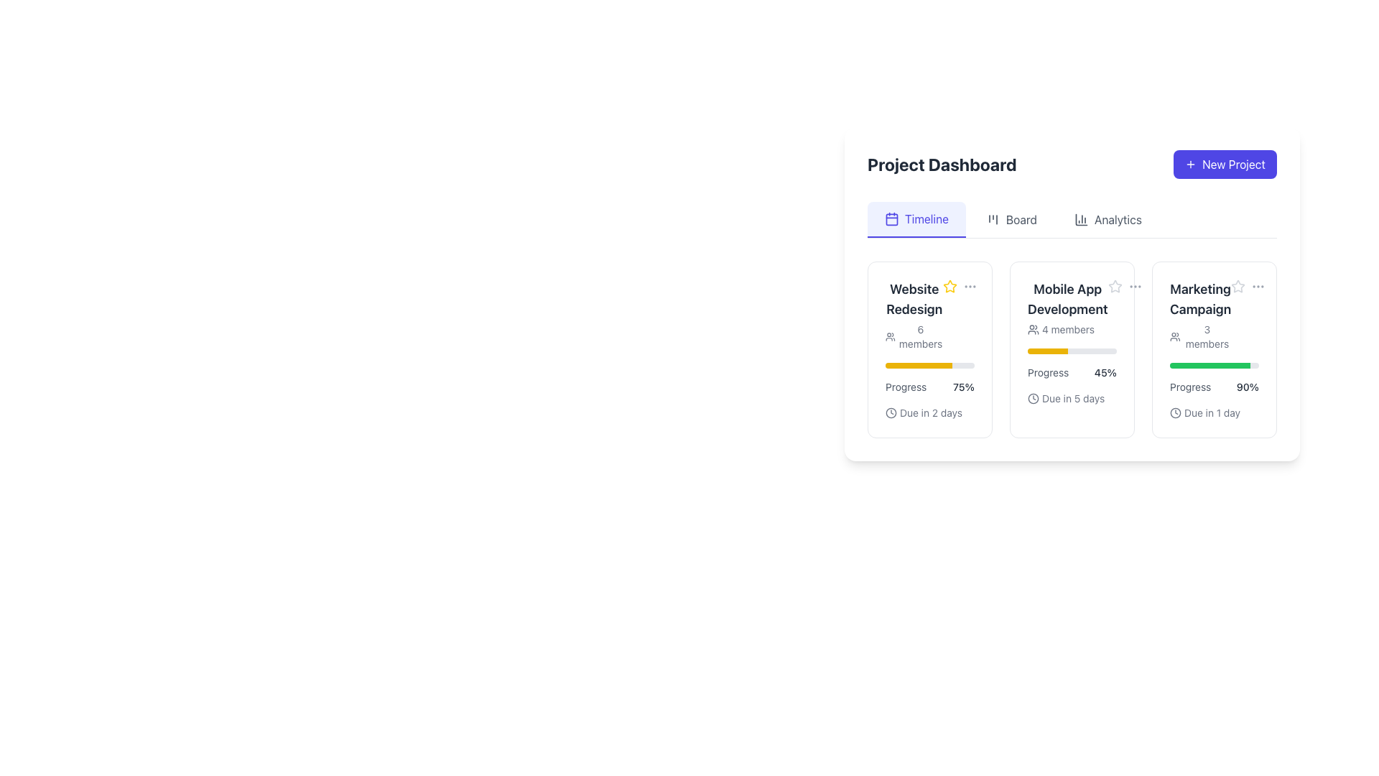 This screenshot has height=776, width=1379. I want to click on the graphic box with rounded corners located within the calendar icon above the label 'Timeline' in the navigation bar of the dashboard, so click(891, 218).